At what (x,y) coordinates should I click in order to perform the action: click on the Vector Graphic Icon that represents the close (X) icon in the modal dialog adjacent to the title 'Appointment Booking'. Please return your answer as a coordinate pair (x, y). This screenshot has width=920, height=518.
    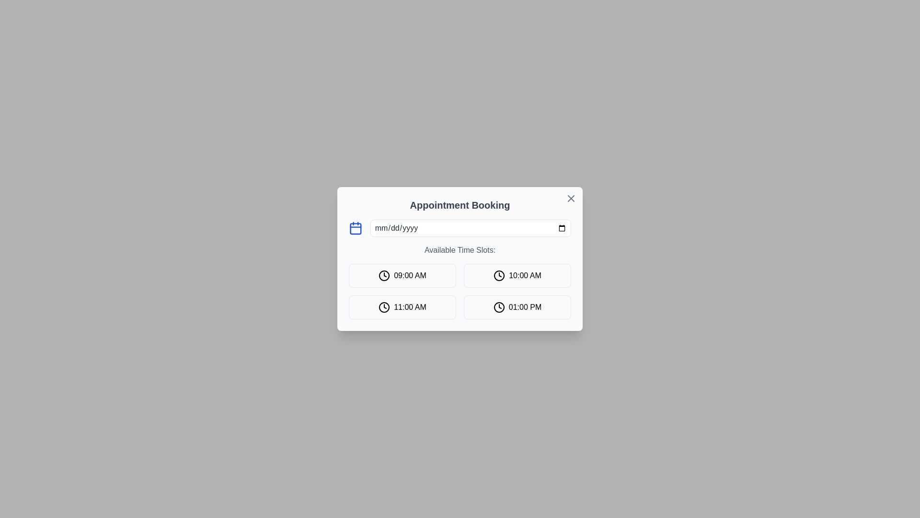
    Looking at the image, I should click on (571, 198).